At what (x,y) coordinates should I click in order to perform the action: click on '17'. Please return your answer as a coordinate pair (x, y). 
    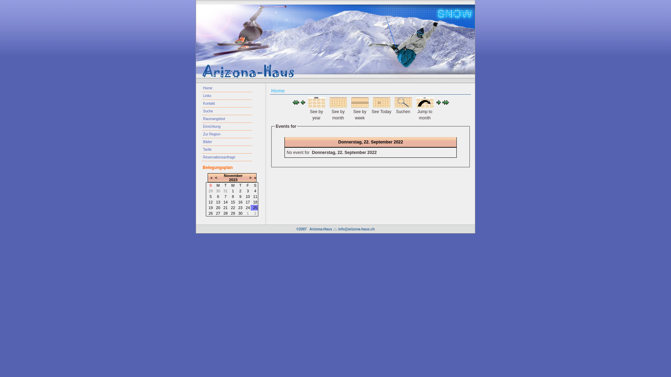
    Looking at the image, I should click on (248, 202).